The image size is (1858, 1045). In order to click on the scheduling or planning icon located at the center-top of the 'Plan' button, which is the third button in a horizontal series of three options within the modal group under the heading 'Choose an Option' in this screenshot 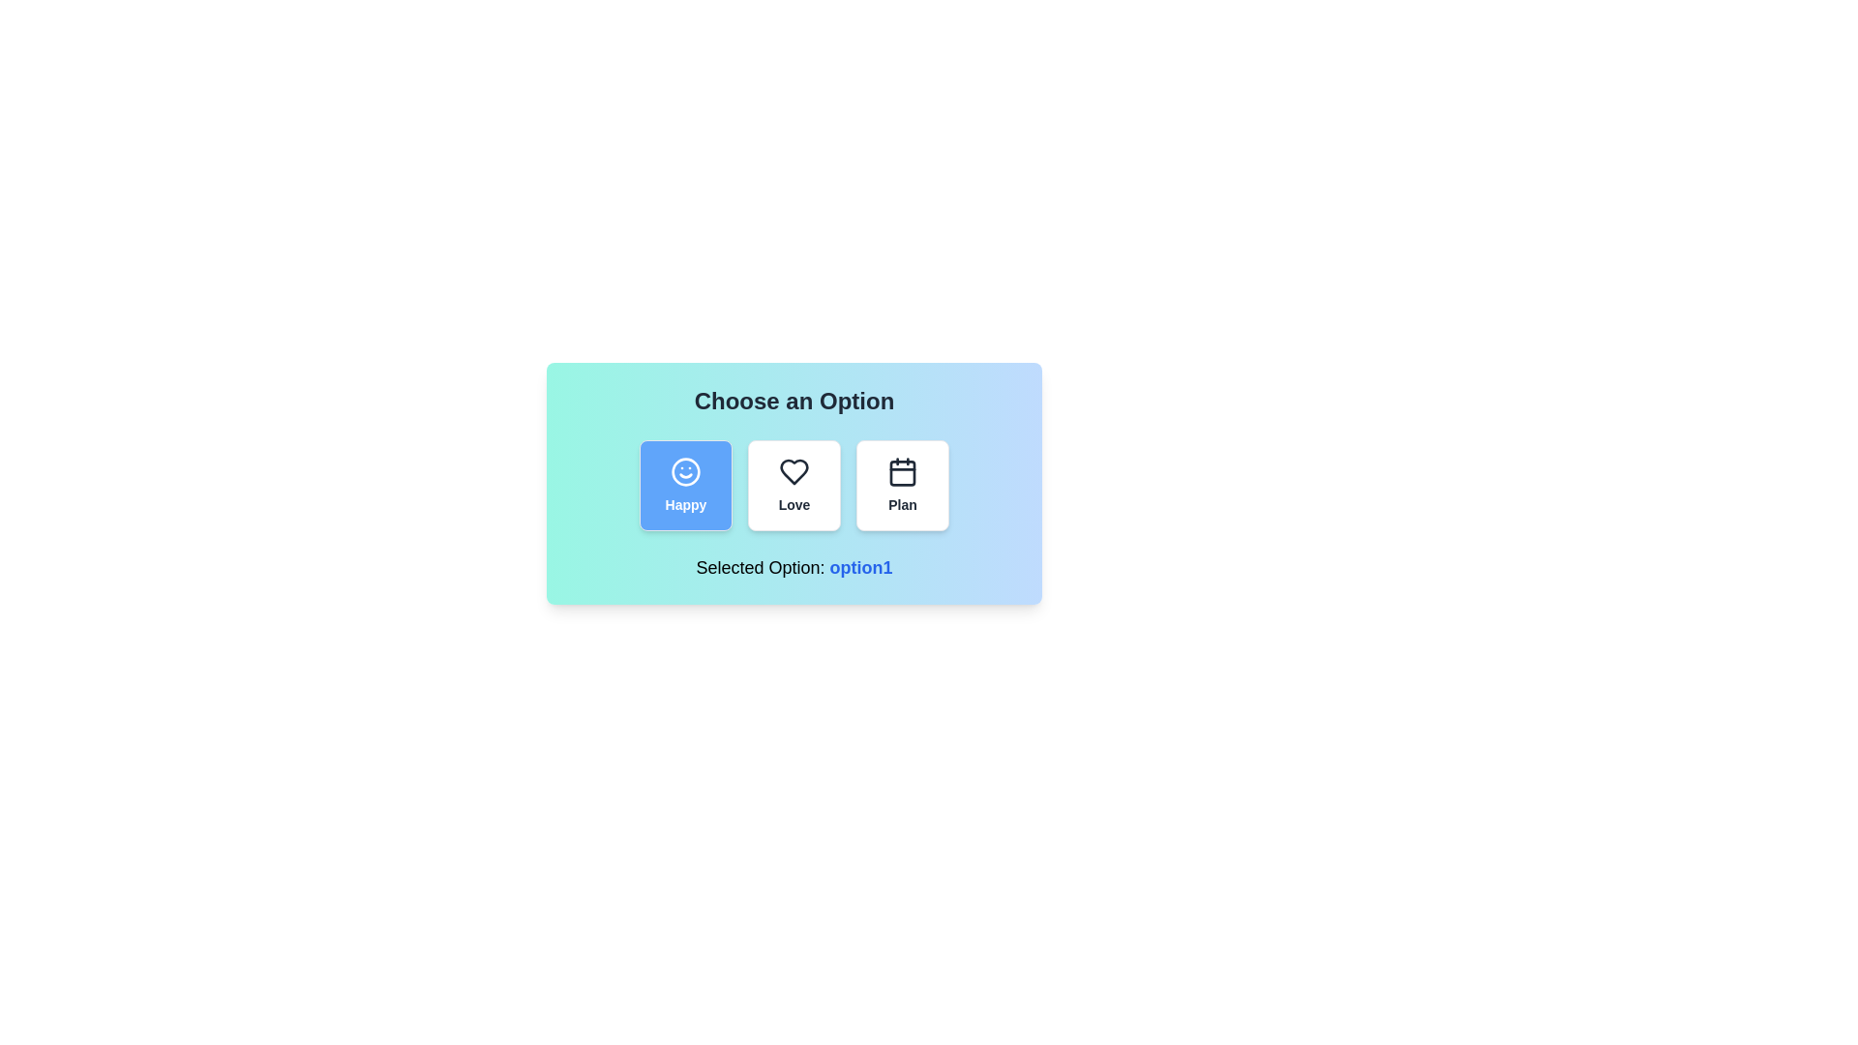, I will do `click(901, 472)`.